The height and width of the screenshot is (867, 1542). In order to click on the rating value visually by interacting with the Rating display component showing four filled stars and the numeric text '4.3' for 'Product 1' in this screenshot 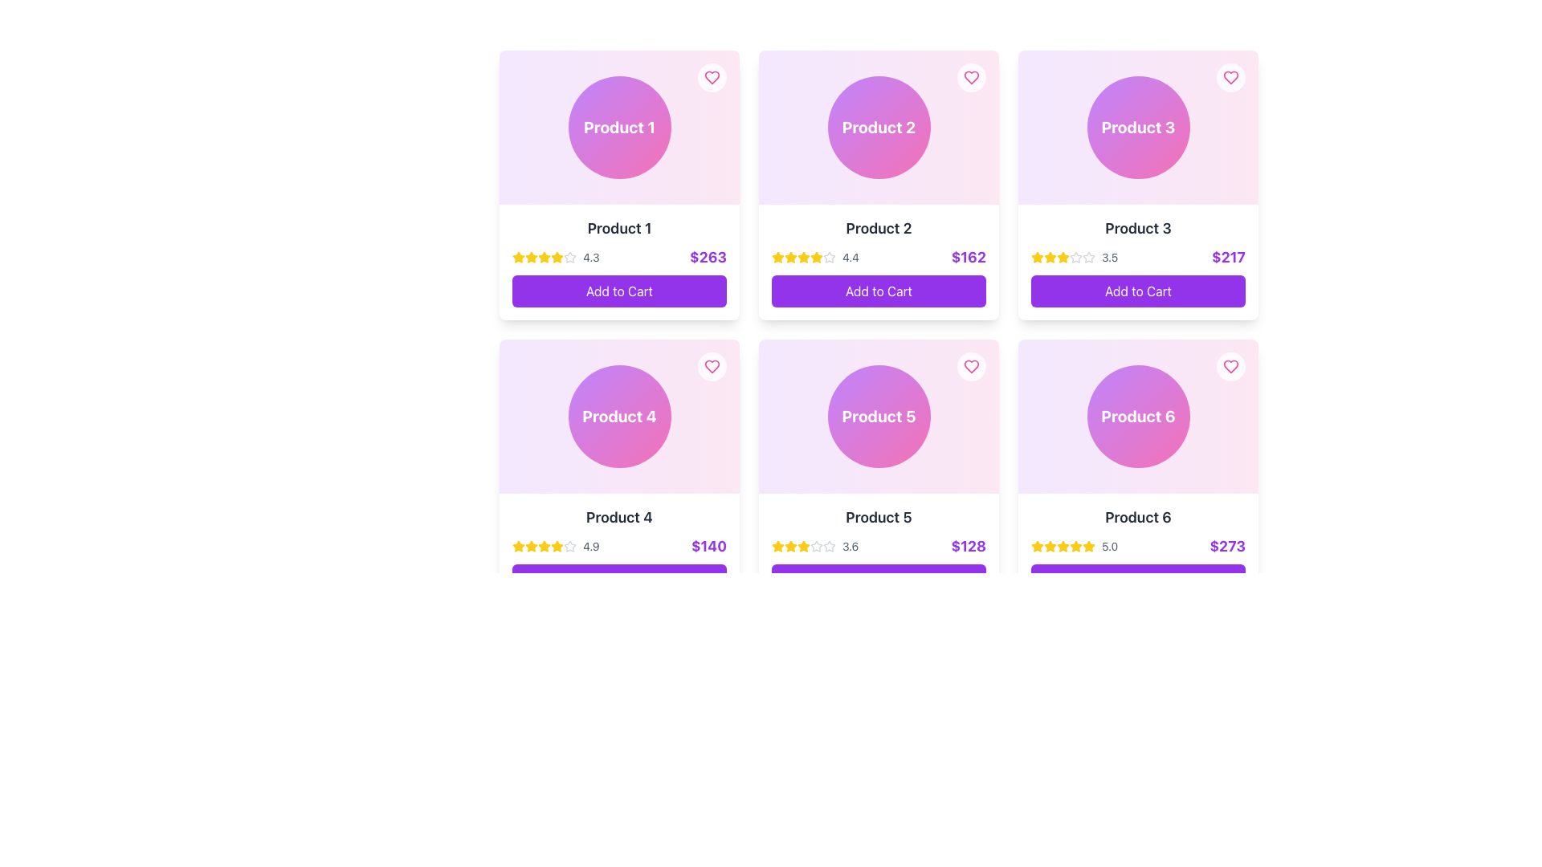, I will do `click(556, 256)`.